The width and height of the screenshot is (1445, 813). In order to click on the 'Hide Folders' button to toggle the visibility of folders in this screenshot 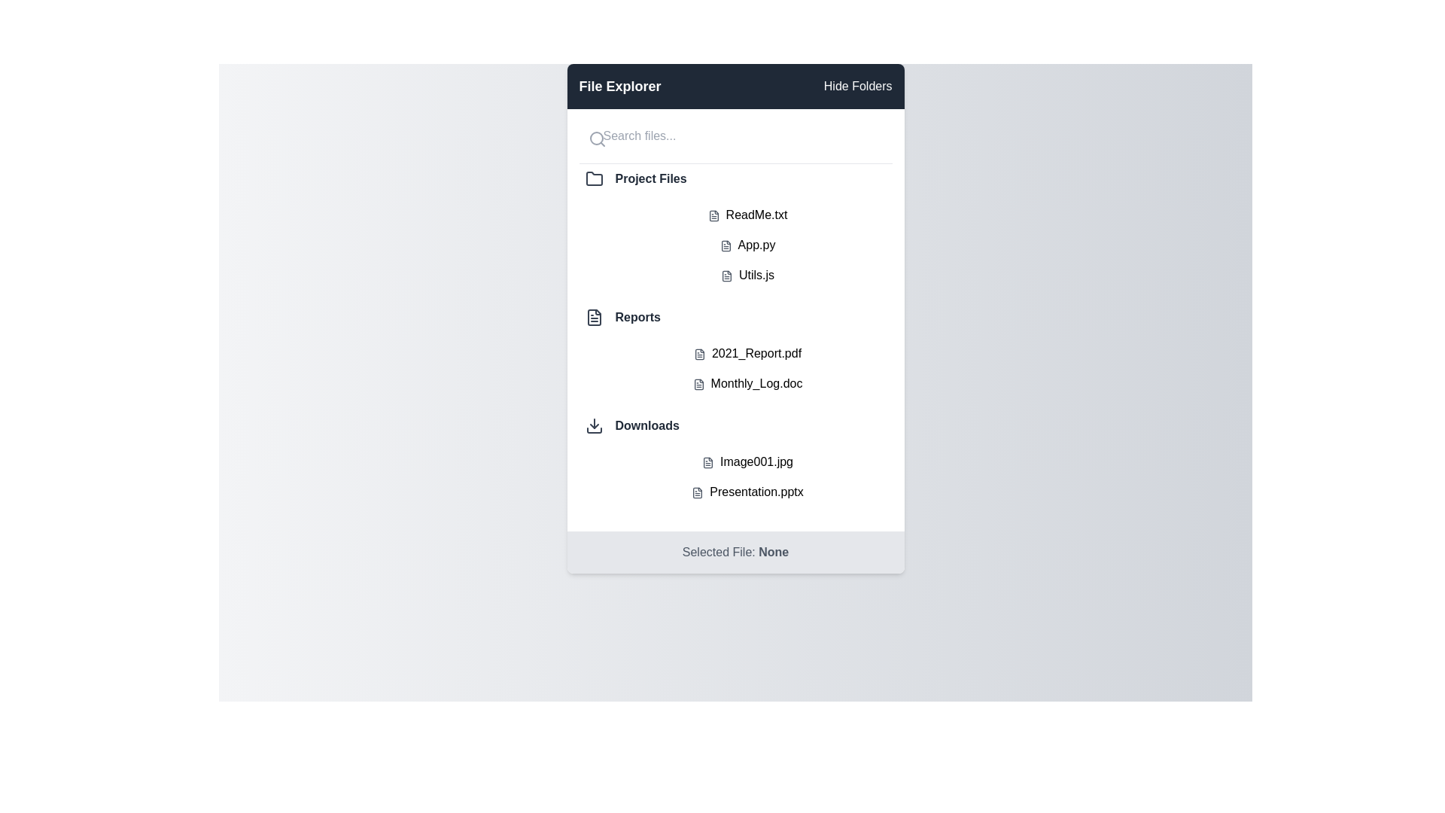, I will do `click(858, 87)`.